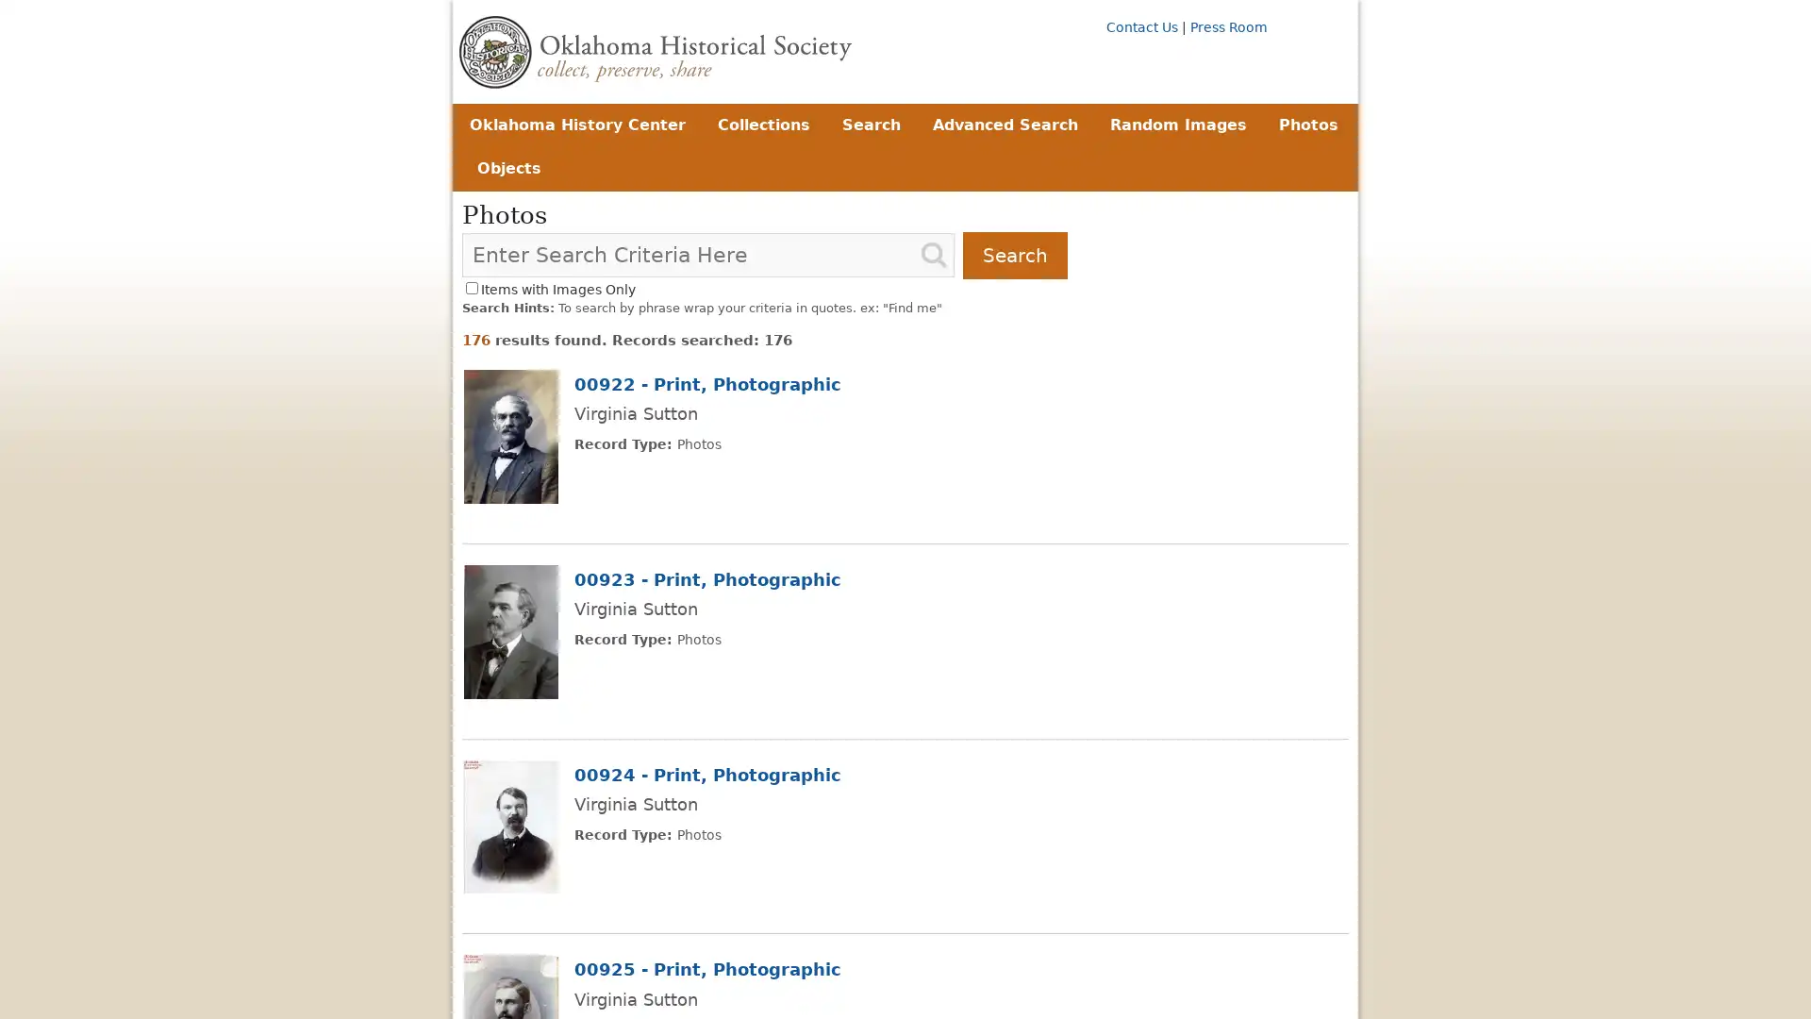 The image size is (1811, 1019). What do you see at coordinates (1014, 255) in the screenshot?
I see `Search` at bounding box center [1014, 255].